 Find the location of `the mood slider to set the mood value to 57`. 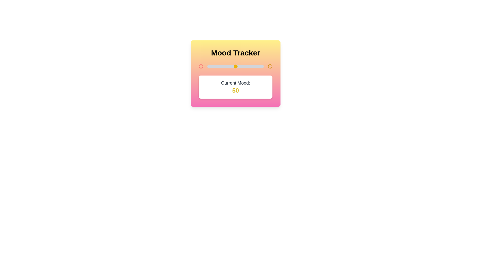

the mood slider to set the mood value to 57 is located at coordinates (239, 66).